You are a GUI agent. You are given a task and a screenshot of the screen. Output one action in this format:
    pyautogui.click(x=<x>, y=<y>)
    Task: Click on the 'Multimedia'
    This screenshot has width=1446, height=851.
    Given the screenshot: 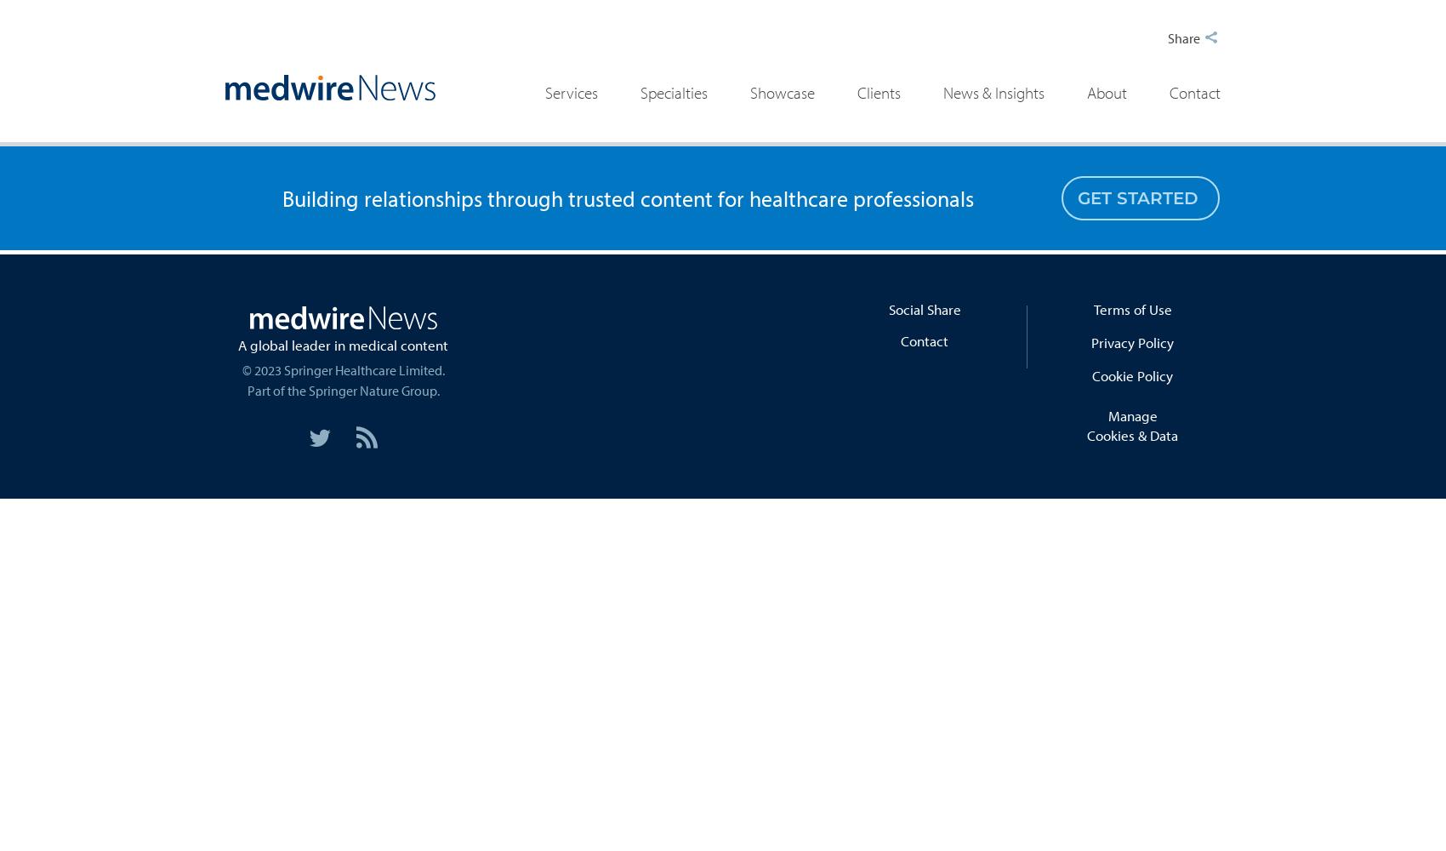 What is the action you would take?
    pyautogui.click(x=1182, y=201)
    